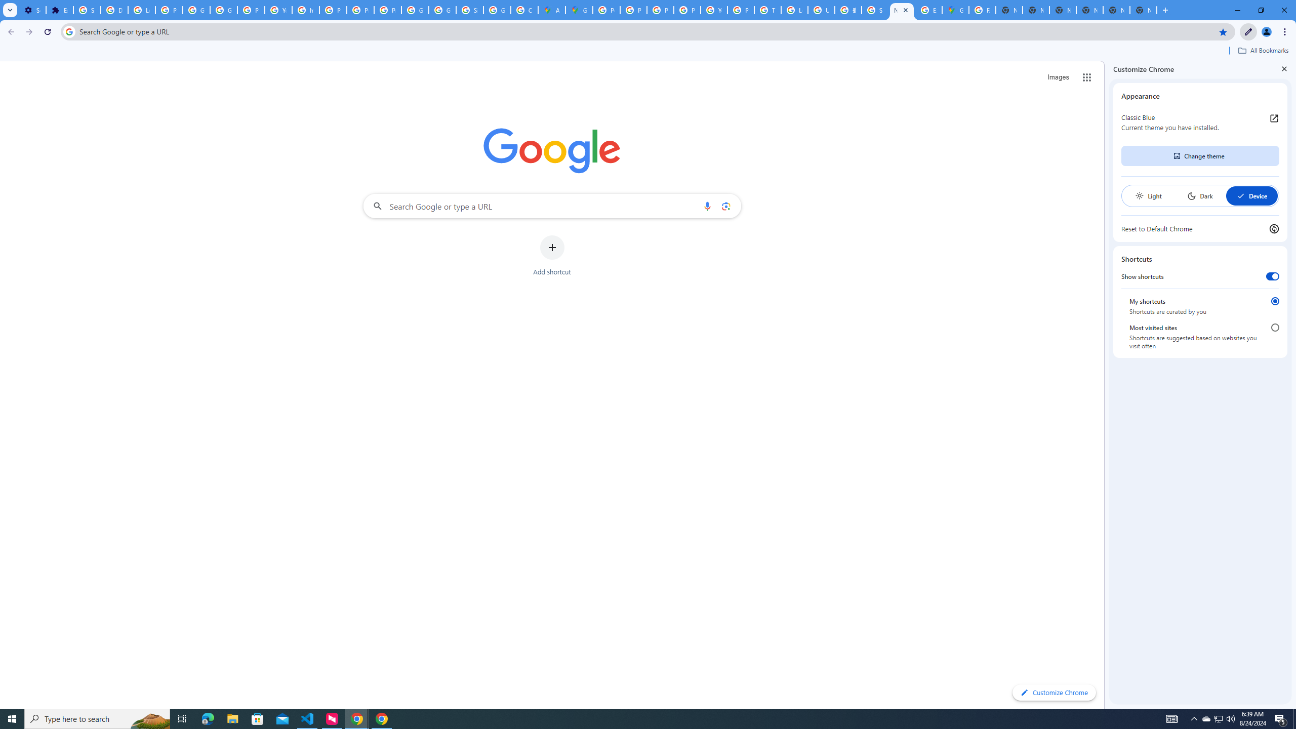 Image resolution: width=1296 pixels, height=729 pixels. Describe the element at coordinates (1251, 195) in the screenshot. I see `'Device'` at that location.